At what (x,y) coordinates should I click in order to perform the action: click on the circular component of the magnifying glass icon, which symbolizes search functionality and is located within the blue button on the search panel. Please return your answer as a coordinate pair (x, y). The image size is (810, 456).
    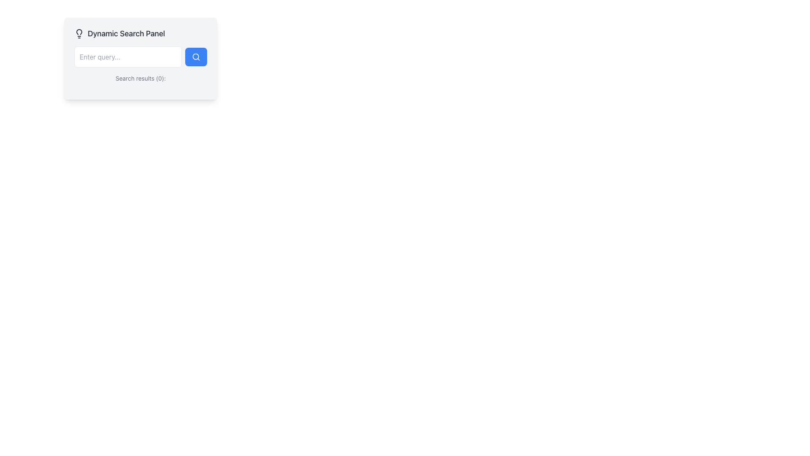
    Looking at the image, I should click on (195, 57).